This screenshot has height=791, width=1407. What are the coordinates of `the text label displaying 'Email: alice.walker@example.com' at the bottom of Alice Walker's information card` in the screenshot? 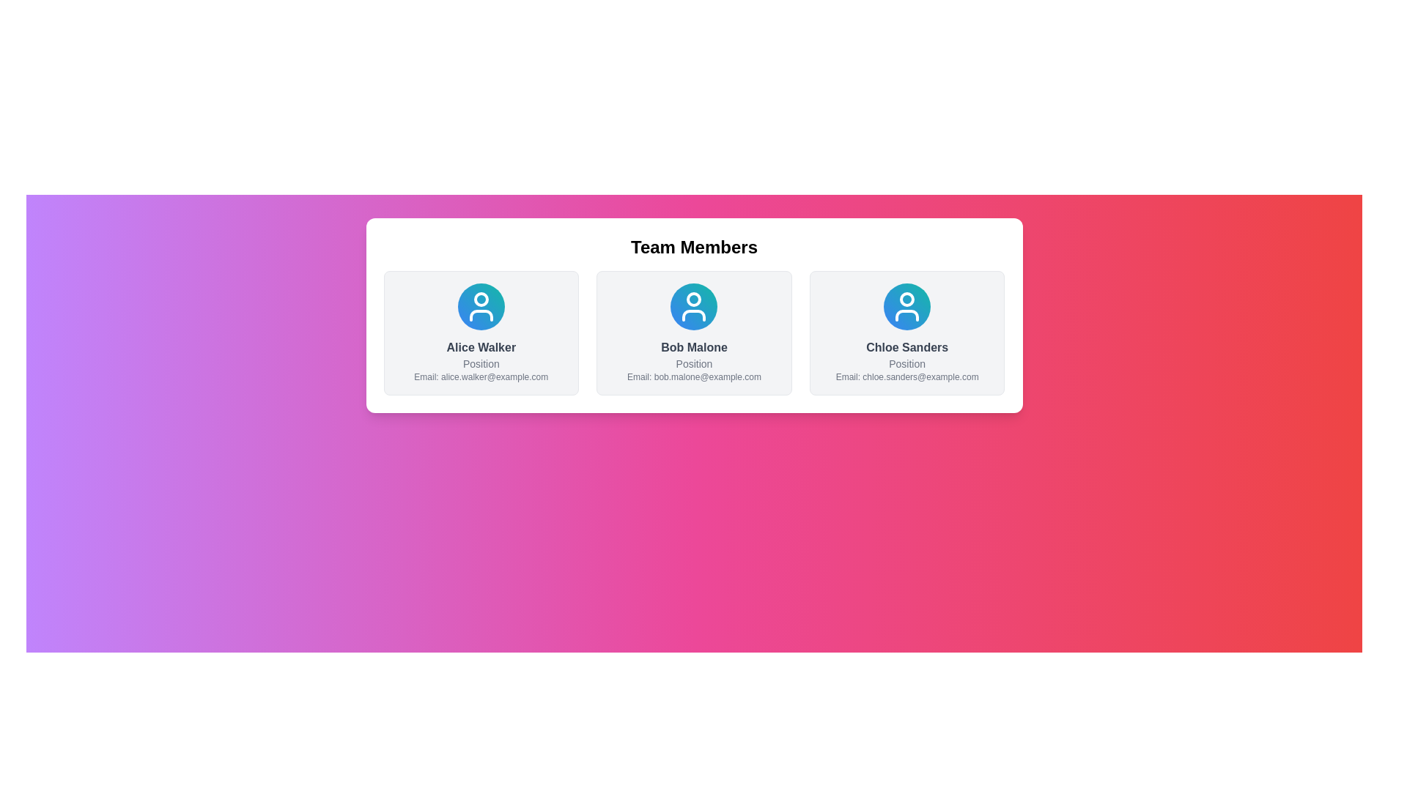 It's located at (481, 376).